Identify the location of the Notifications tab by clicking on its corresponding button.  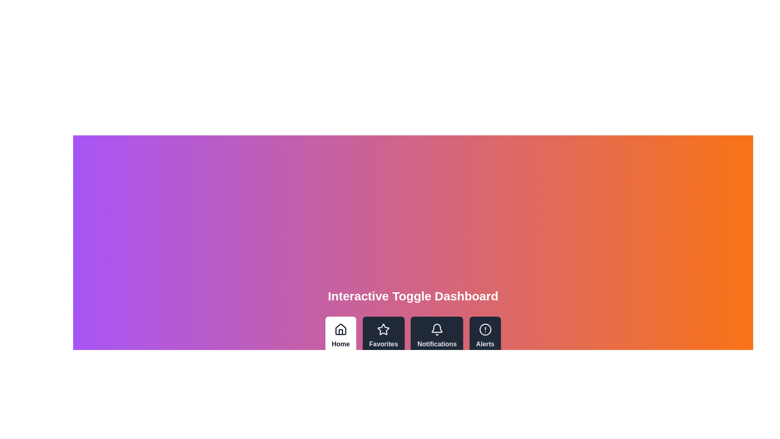
(436, 336).